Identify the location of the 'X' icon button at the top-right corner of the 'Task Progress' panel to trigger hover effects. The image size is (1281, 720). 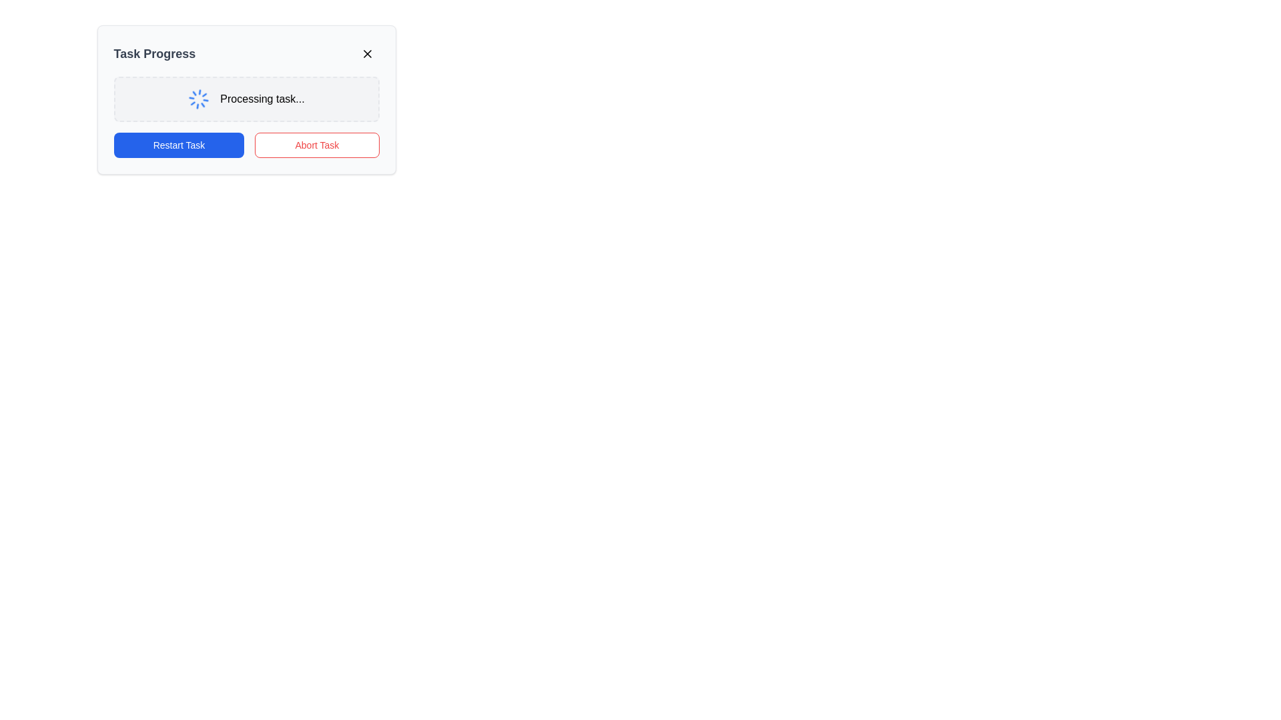
(367, 53).